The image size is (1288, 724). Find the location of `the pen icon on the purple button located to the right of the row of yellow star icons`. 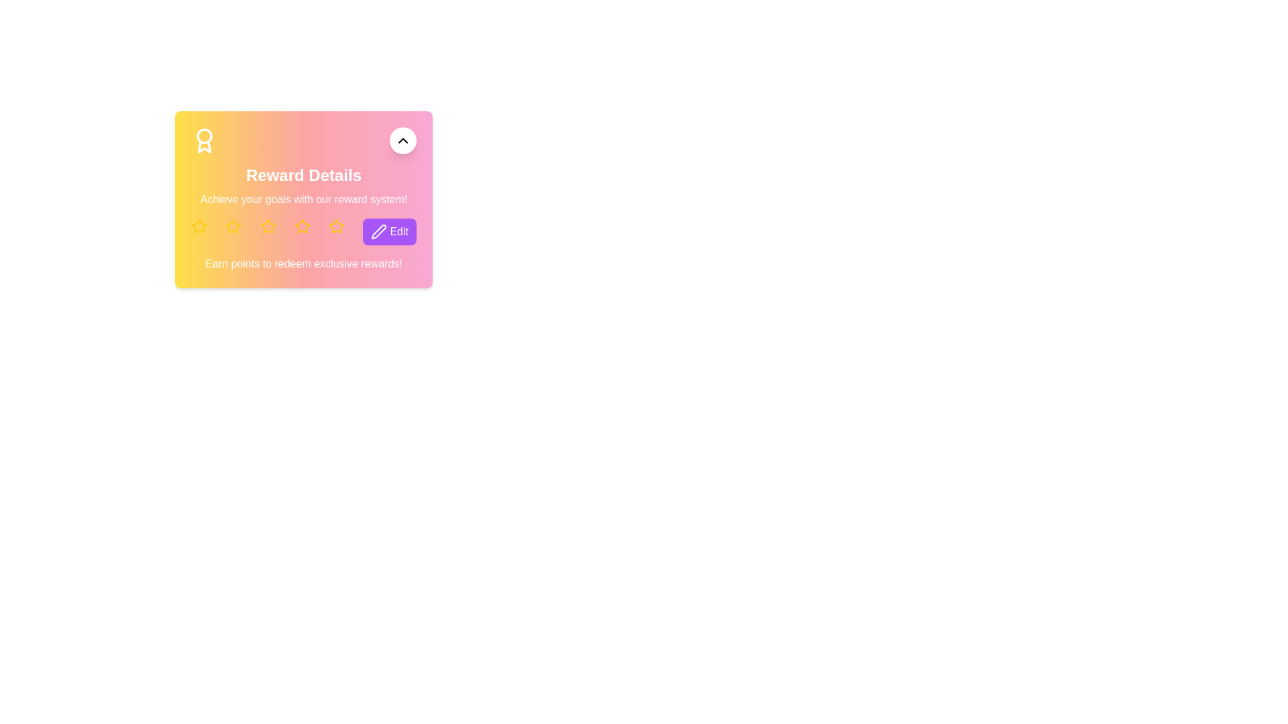

the pen icon on the purple button located to the right of the row of yellow star icons is located at coordinates (378, 231).